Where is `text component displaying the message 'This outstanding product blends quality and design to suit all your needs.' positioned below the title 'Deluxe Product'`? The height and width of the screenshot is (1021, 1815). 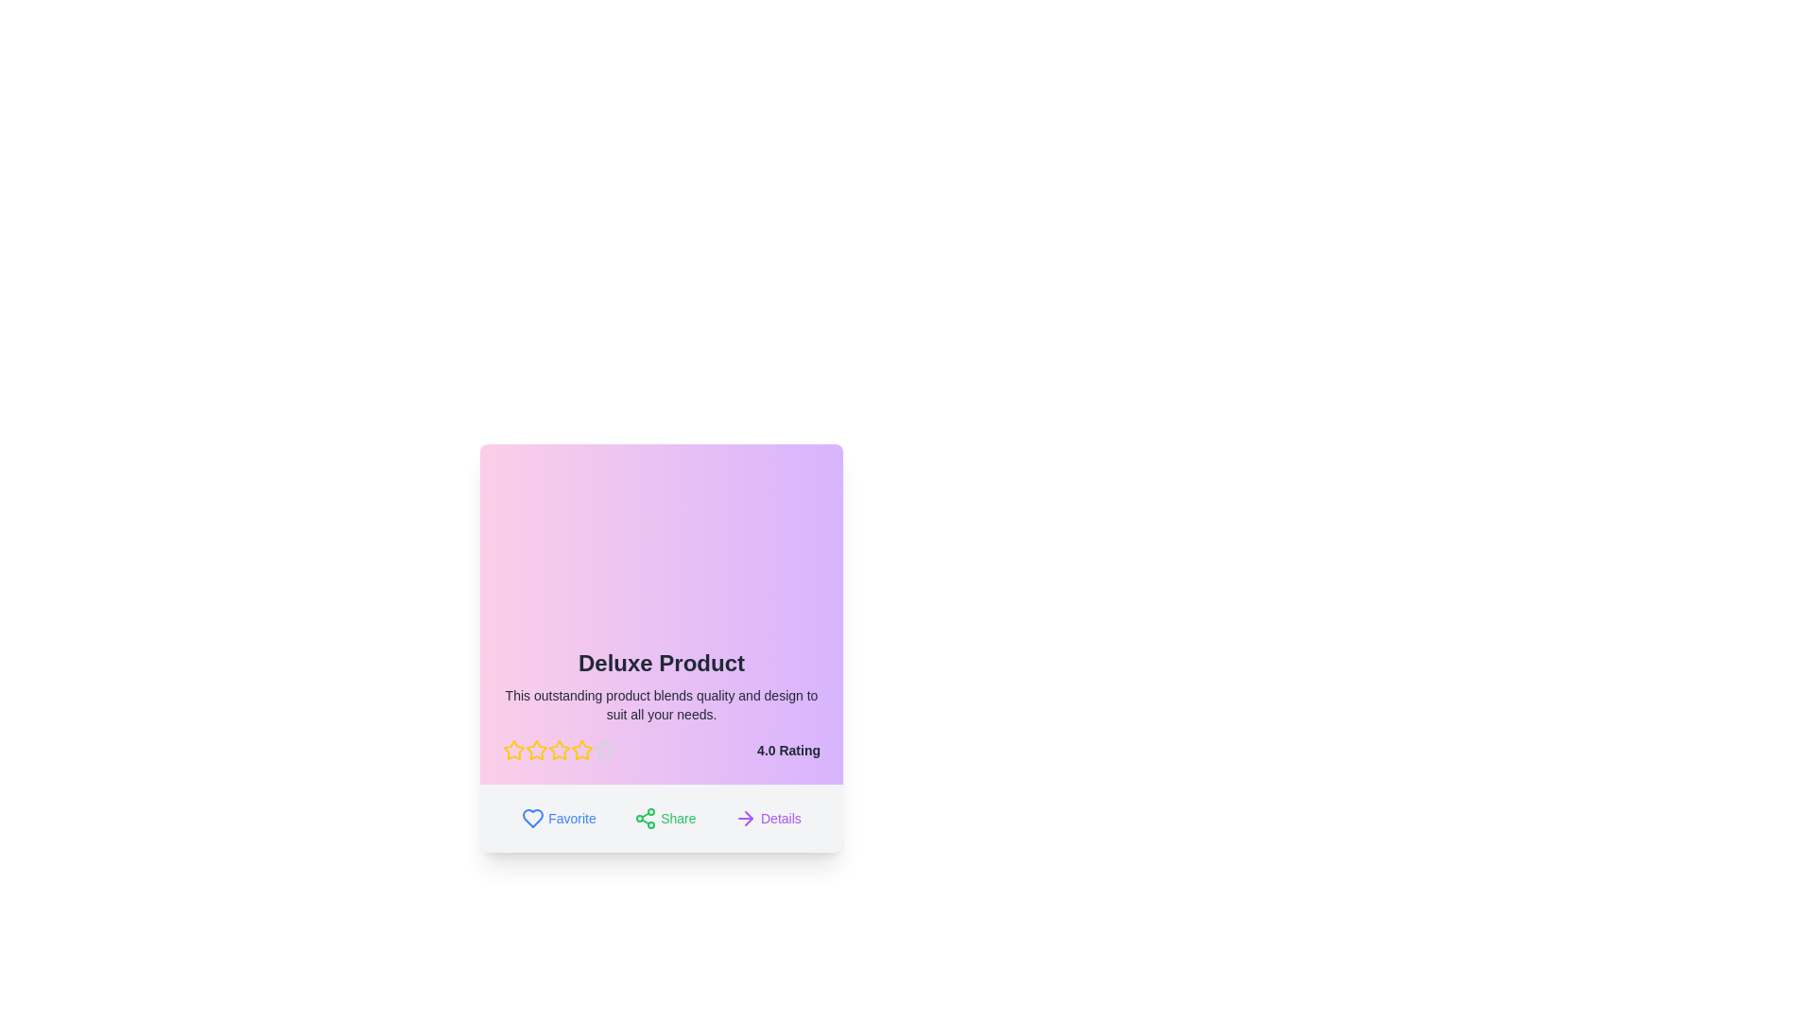
text component displaying the message 'This outstanding product blends quality and design to suit all your needs.' positioned below the title 'Deluxe Product' is located at coordinates (662, 704).